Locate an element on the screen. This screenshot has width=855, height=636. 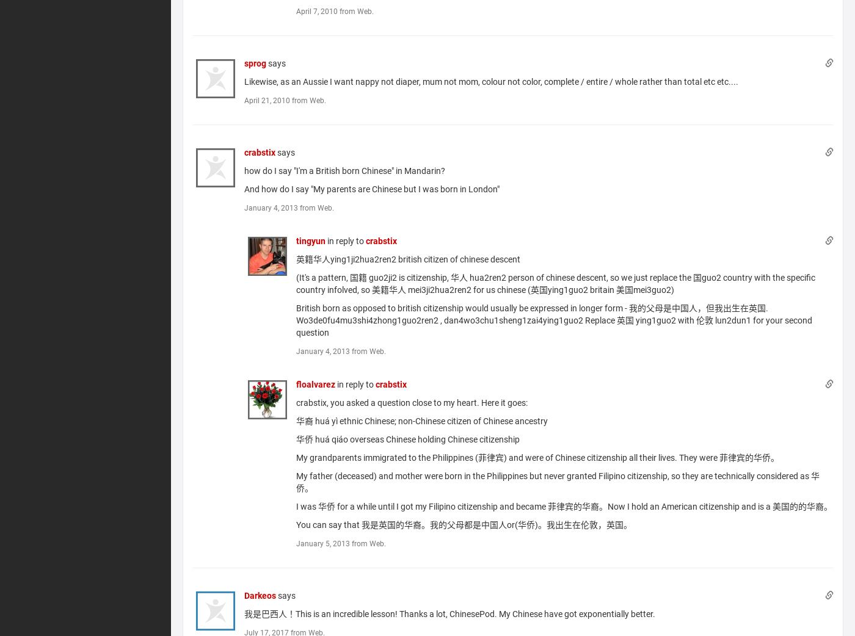
'My father (deceased) and mother were born in the Philippines but never granted Filipino citizenship, so they are technically considered as 华侨。' is located at coordinates (558, 482).